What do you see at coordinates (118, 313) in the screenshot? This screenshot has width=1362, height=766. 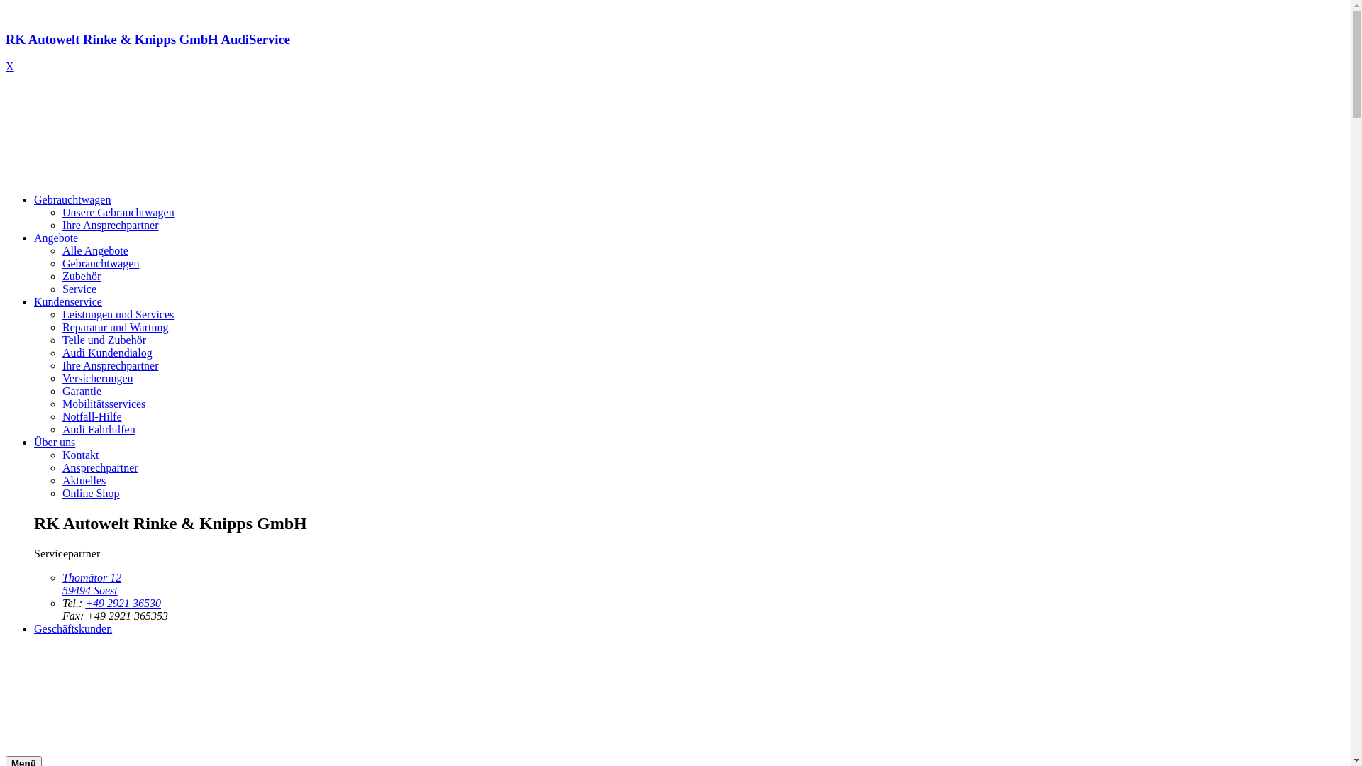 I see `'Leistungen und Services'` at bounding box center [118, 313].